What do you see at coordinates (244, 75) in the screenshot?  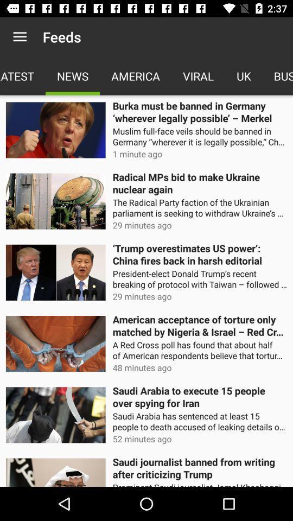 I see `the app next to the business` at bounding box center [244, 75].